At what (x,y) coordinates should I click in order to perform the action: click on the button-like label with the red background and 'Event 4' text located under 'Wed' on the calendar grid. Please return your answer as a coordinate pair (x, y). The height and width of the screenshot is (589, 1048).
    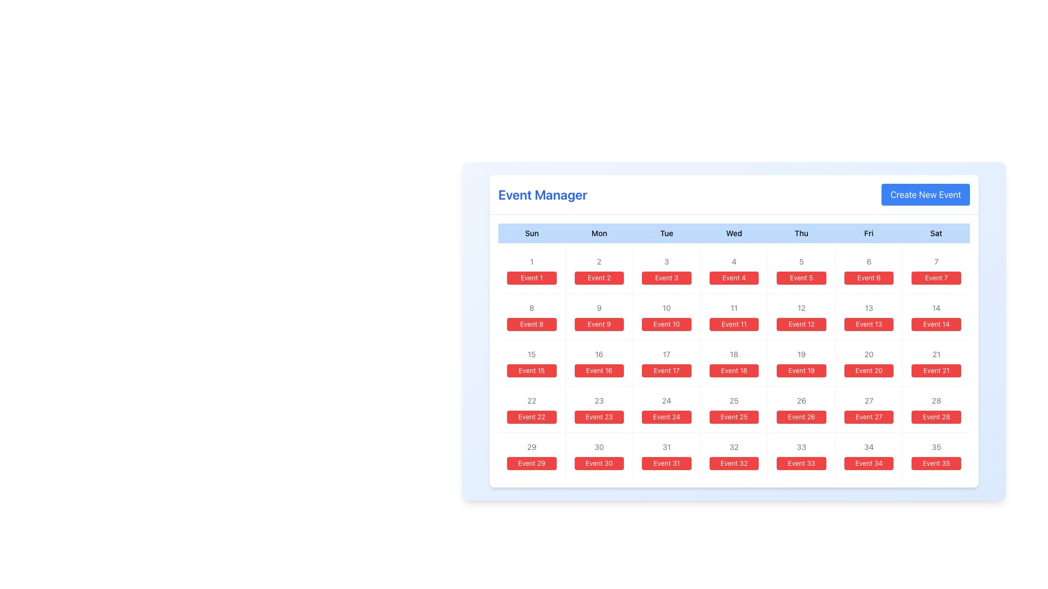
    Looking at the image, I should click on (734, 277).